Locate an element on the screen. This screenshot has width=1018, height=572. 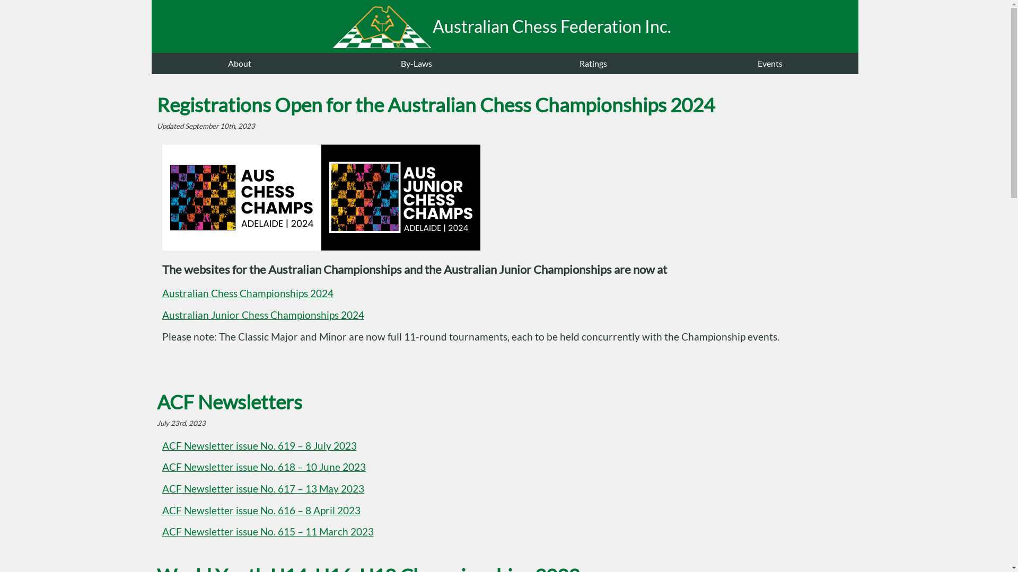
'Events' is located at coordinates (770, 63).